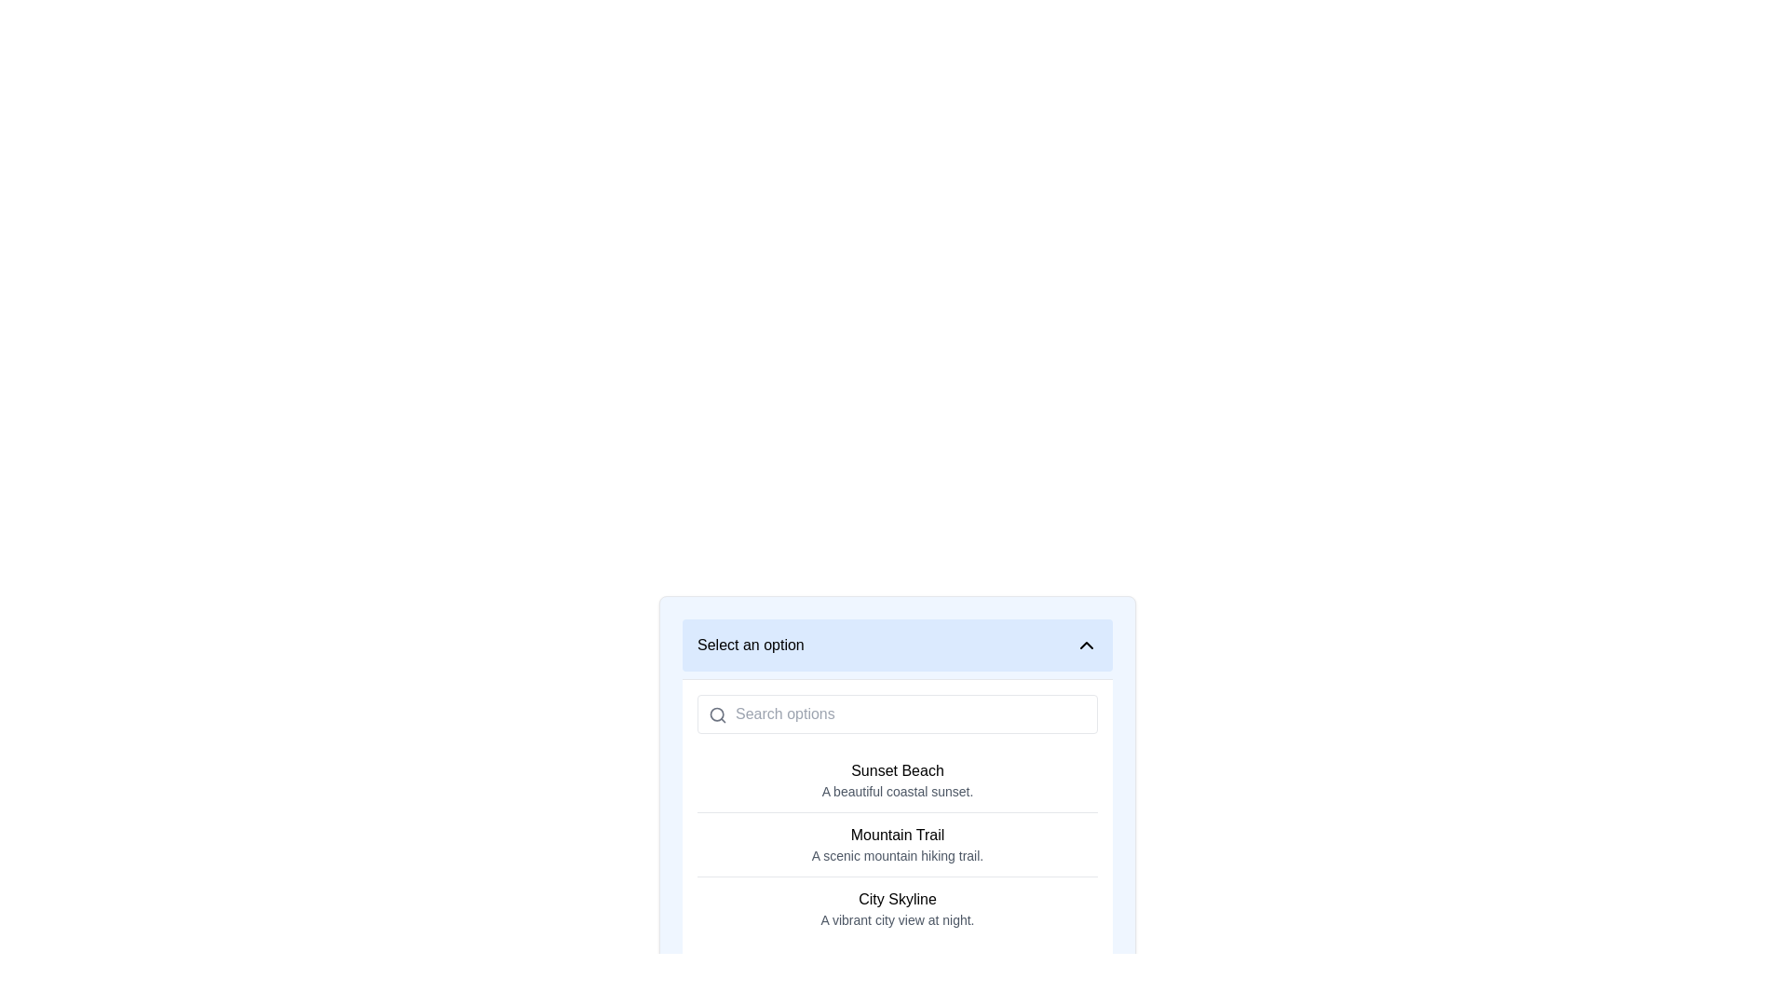  Describe the element at coordinates (717, 714) in the screenshot. I see `the search icon styled with a magnifying glass graphic located inside a text input area adjacent to the 'Search options' placeholder` at that location.